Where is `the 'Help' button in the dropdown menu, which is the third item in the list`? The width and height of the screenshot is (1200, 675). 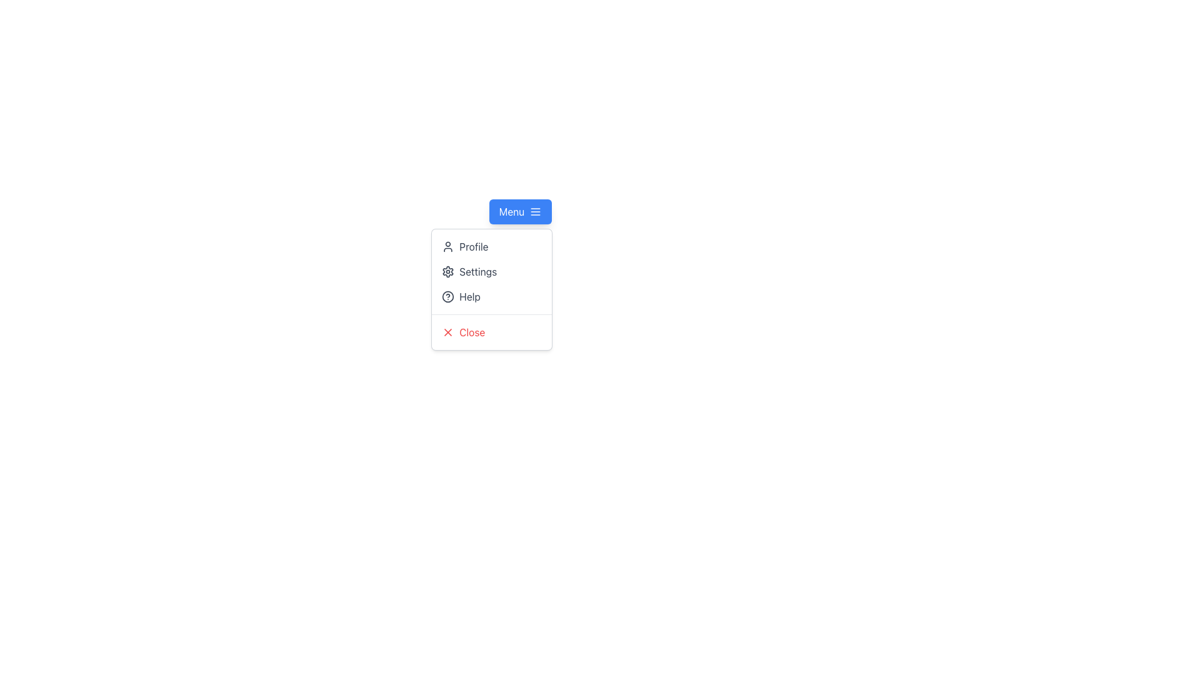 the 'Help' button in the dropdown menu, which is the third item in the list is located at coordinates (491, 296).